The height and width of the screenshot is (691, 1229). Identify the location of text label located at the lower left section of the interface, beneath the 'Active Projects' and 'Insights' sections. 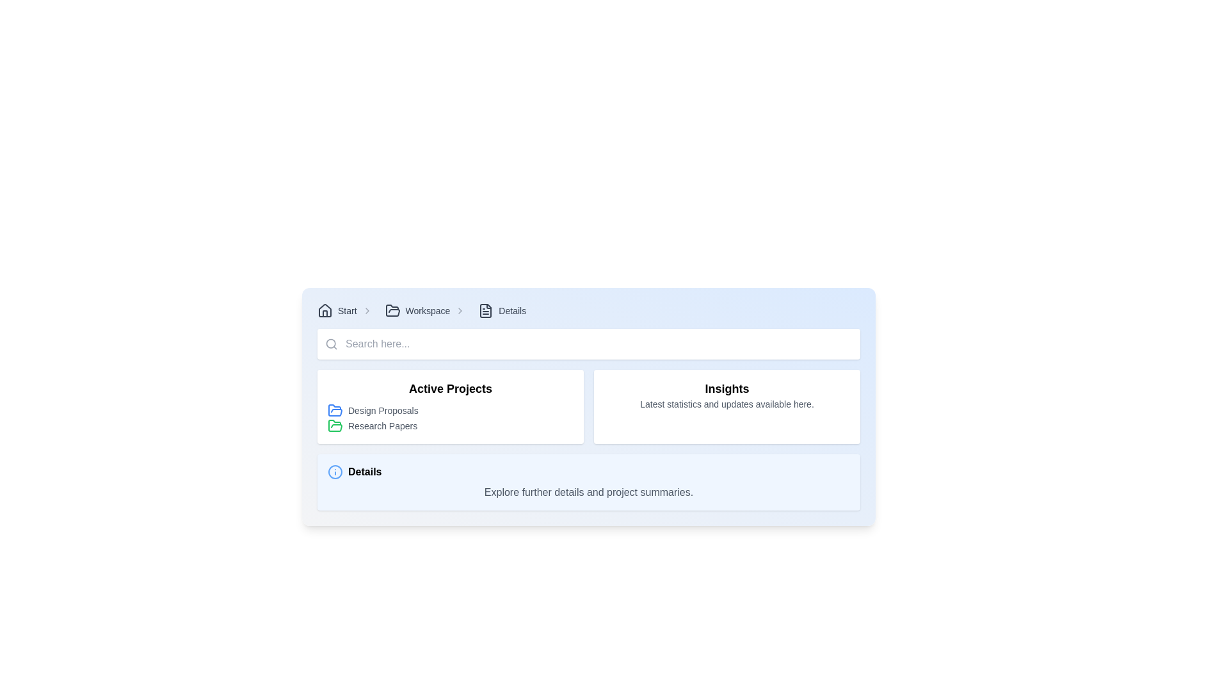
(364, 472).